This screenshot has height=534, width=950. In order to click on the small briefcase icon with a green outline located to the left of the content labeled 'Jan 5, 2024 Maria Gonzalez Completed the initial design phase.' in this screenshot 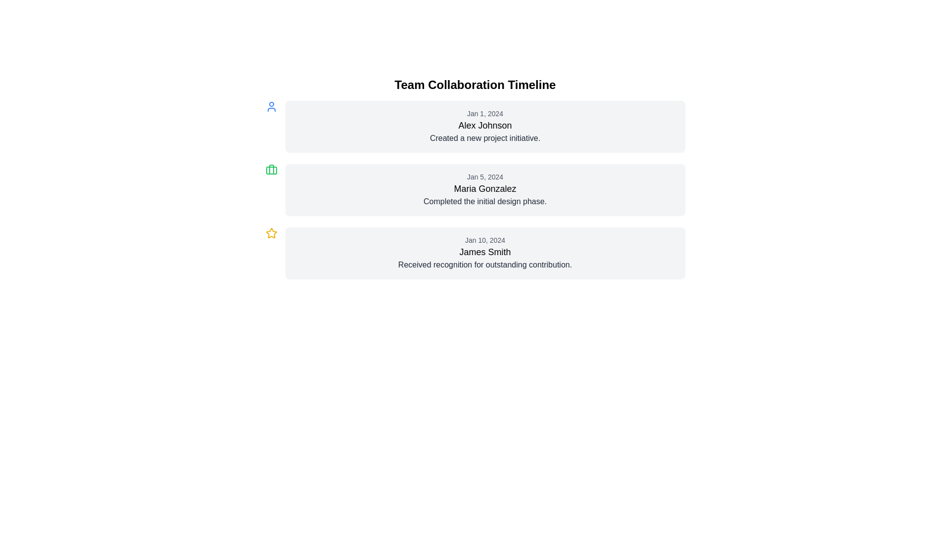, I will do `click(271, 169)`.